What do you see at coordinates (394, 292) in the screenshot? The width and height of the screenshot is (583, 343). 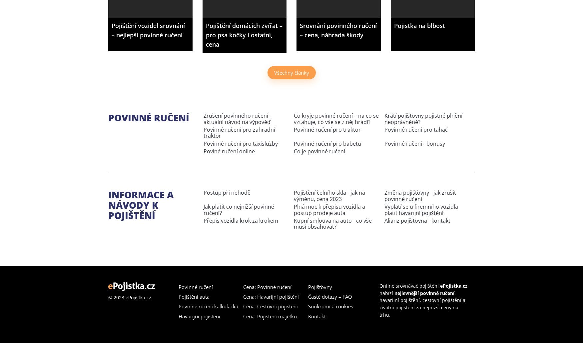 I see `'nejlevnější povinné ručení'` at bounding box center [394, 292].